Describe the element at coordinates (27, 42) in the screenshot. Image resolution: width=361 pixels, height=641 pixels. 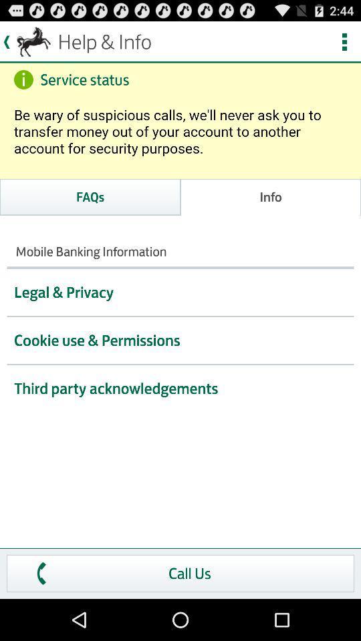
I see `icon which is left to the text help  info` at that location.